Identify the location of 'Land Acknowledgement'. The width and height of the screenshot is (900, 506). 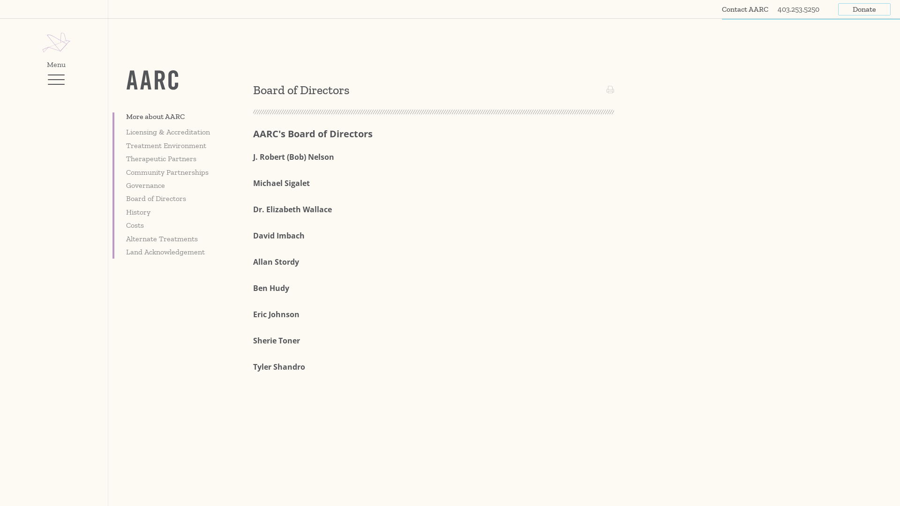
(175, 251).